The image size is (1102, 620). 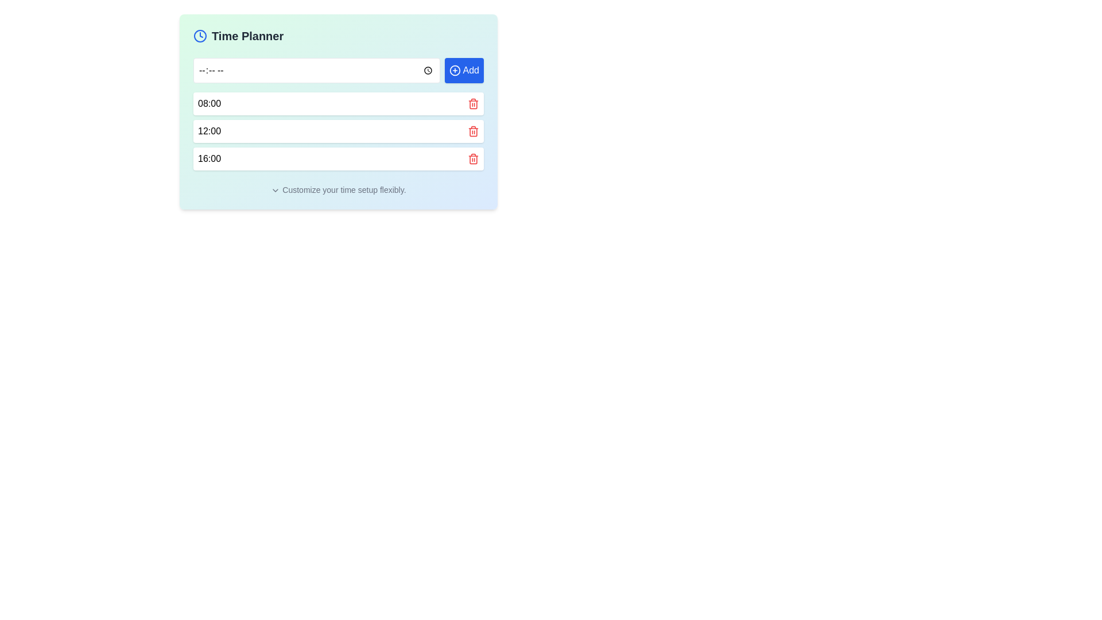 I want to click on the delete icon button, so click(x=474, y=130).